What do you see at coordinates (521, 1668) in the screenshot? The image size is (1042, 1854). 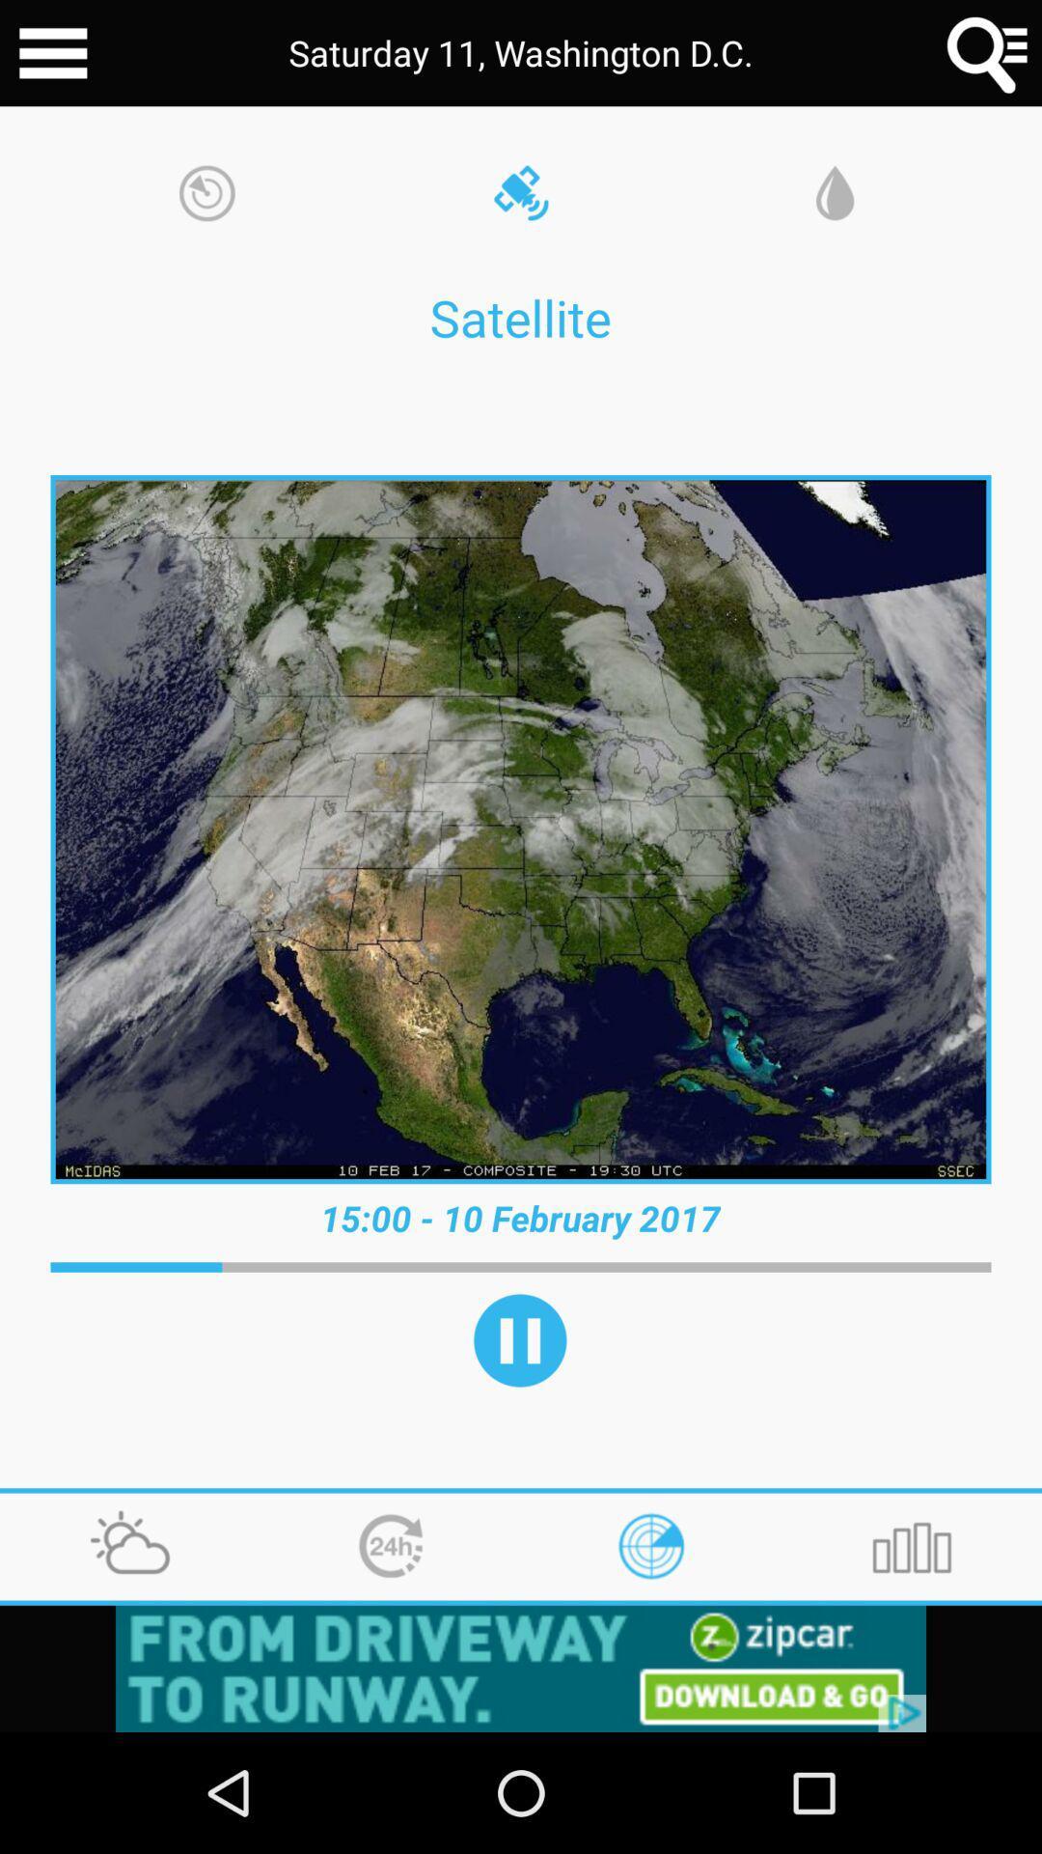 I see `open advertisement` at bounding box center [521, 1668].